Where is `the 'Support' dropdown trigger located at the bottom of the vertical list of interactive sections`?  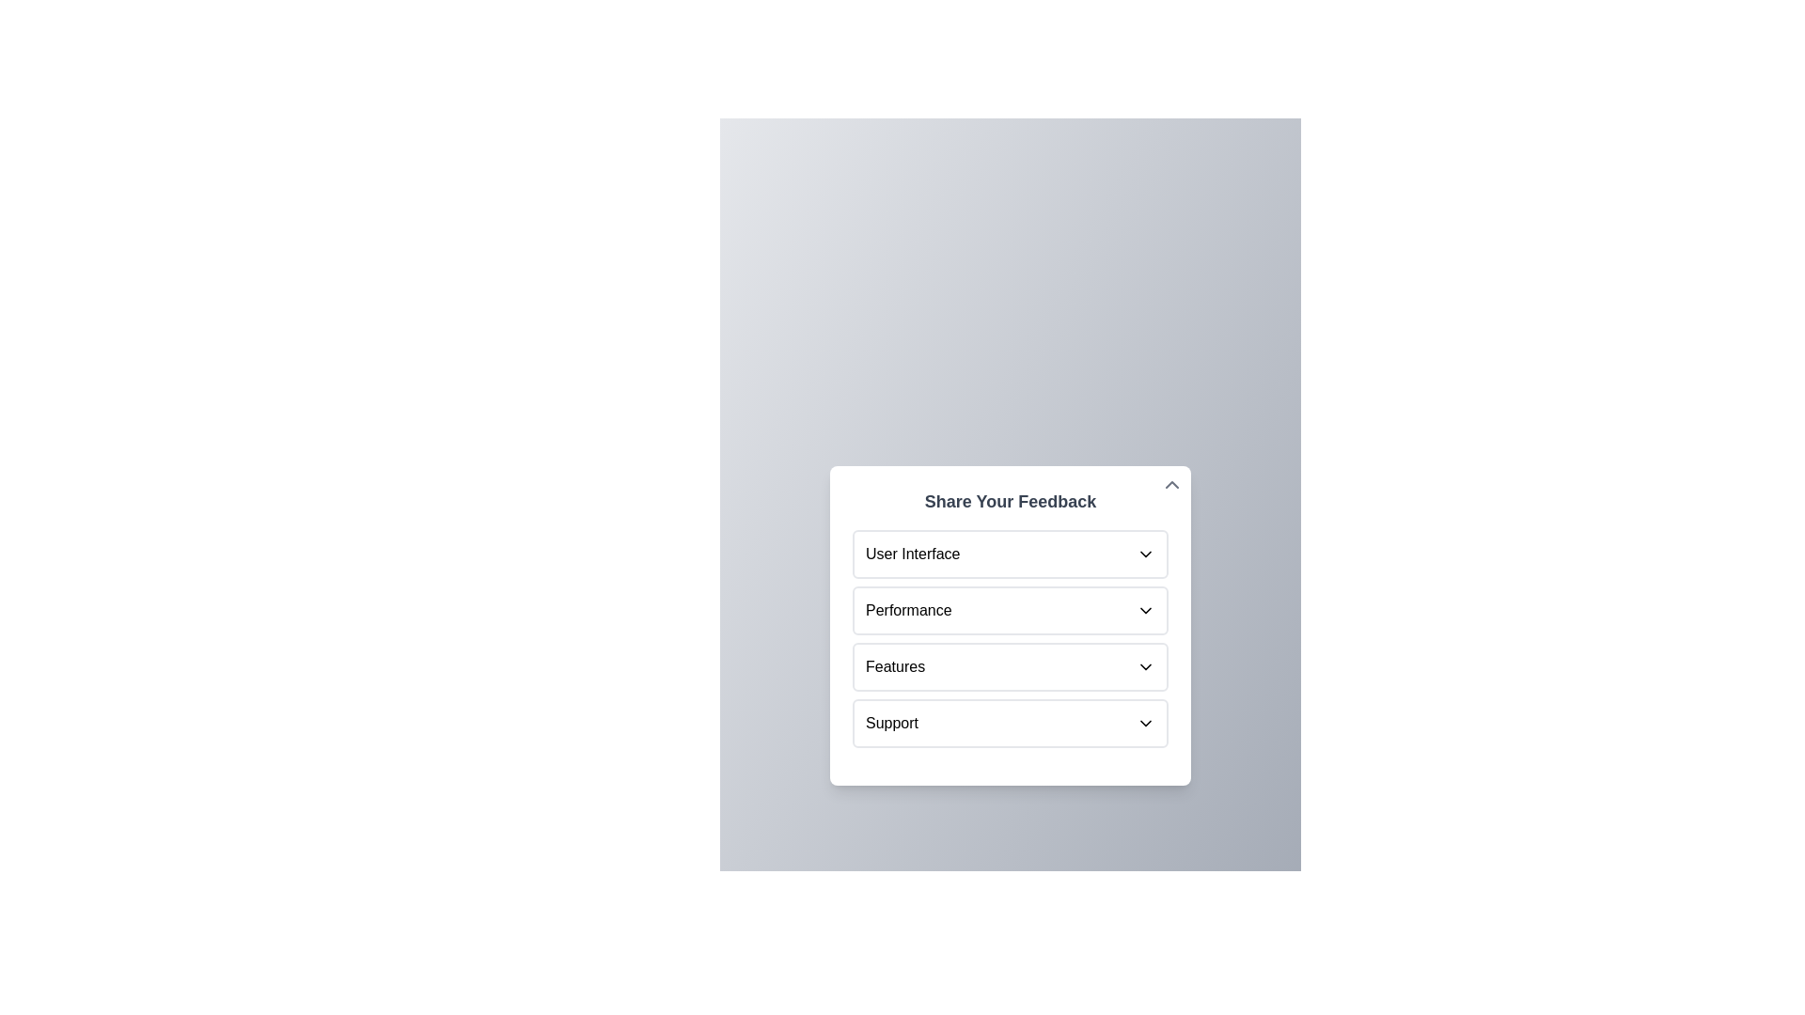
the 'Support' dropdown trigger located at the bottom of the vertical list of interactive sections is located at coordinates (1010, 723).